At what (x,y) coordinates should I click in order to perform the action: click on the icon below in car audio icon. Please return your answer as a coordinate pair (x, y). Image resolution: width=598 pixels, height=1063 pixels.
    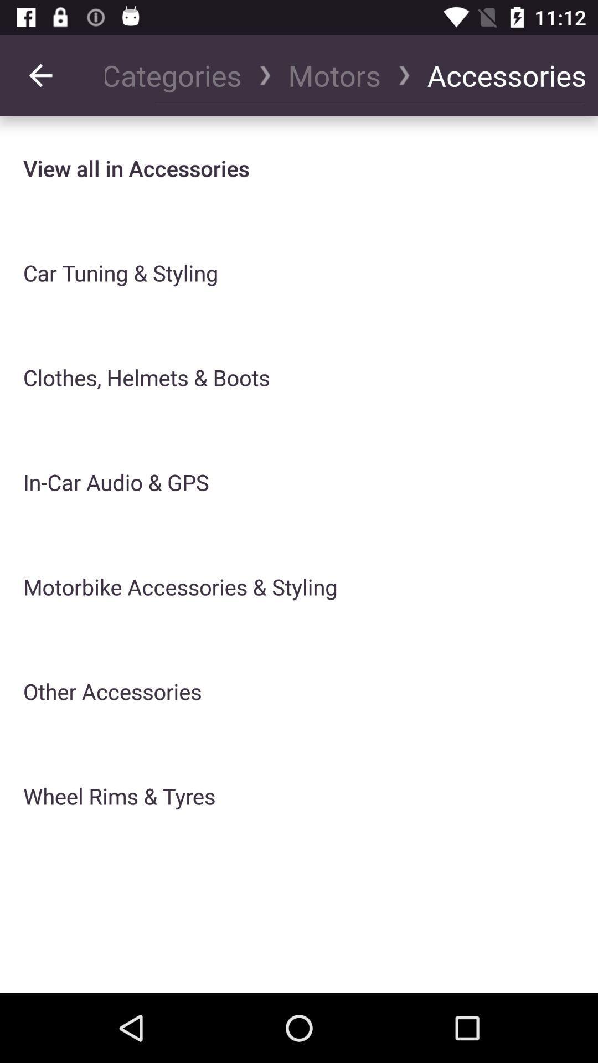
    Looking at the image, I should click on (179, 586).